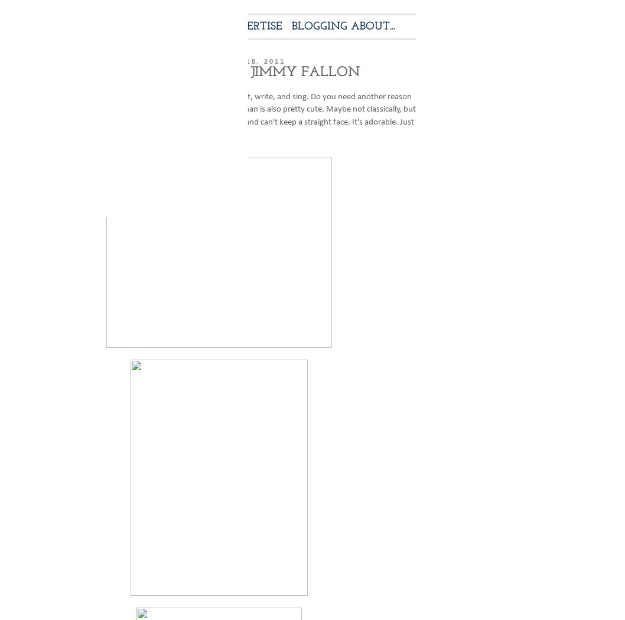 This screenshot has width=625, height=620. What do you see at coordinates (219, 71) in the screenshot?
I see `'Man Candy Monday: Jimmy Fallon'` at bounding box center [219, 71].